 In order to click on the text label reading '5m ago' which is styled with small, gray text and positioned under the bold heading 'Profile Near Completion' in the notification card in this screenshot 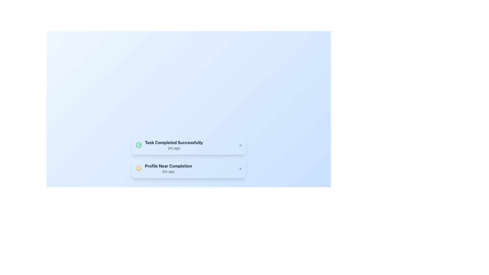, I will do `click(168, 172)`.